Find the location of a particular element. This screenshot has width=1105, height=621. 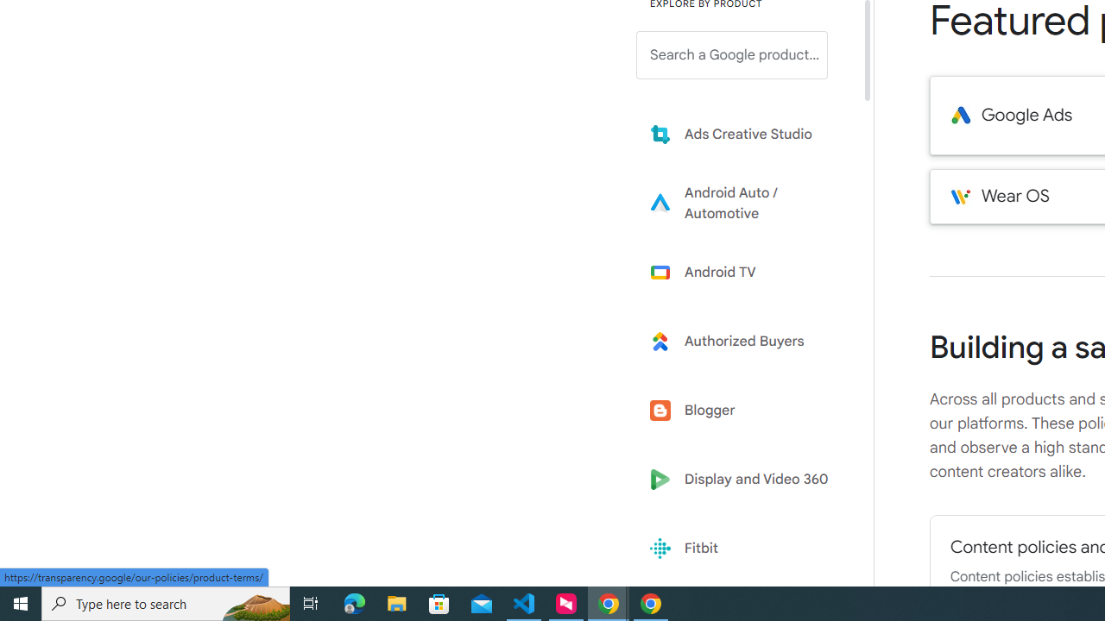

'Display and Video 360' is located at coordinates (744, 480).